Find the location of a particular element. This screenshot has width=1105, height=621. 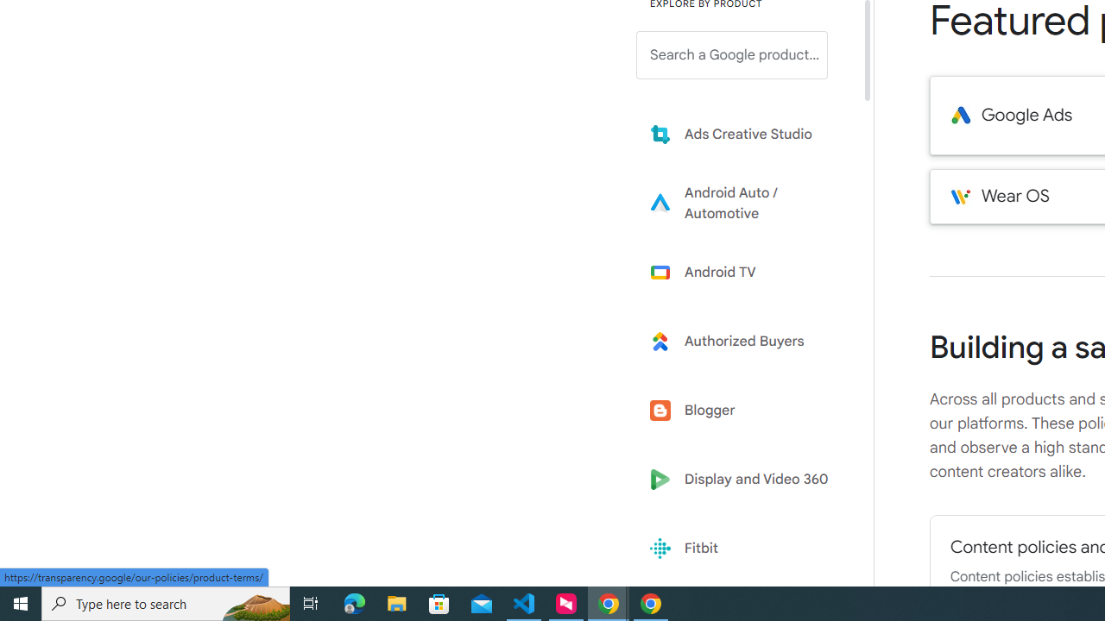

'Display and Video 360' is located at coordinates (744, 480).